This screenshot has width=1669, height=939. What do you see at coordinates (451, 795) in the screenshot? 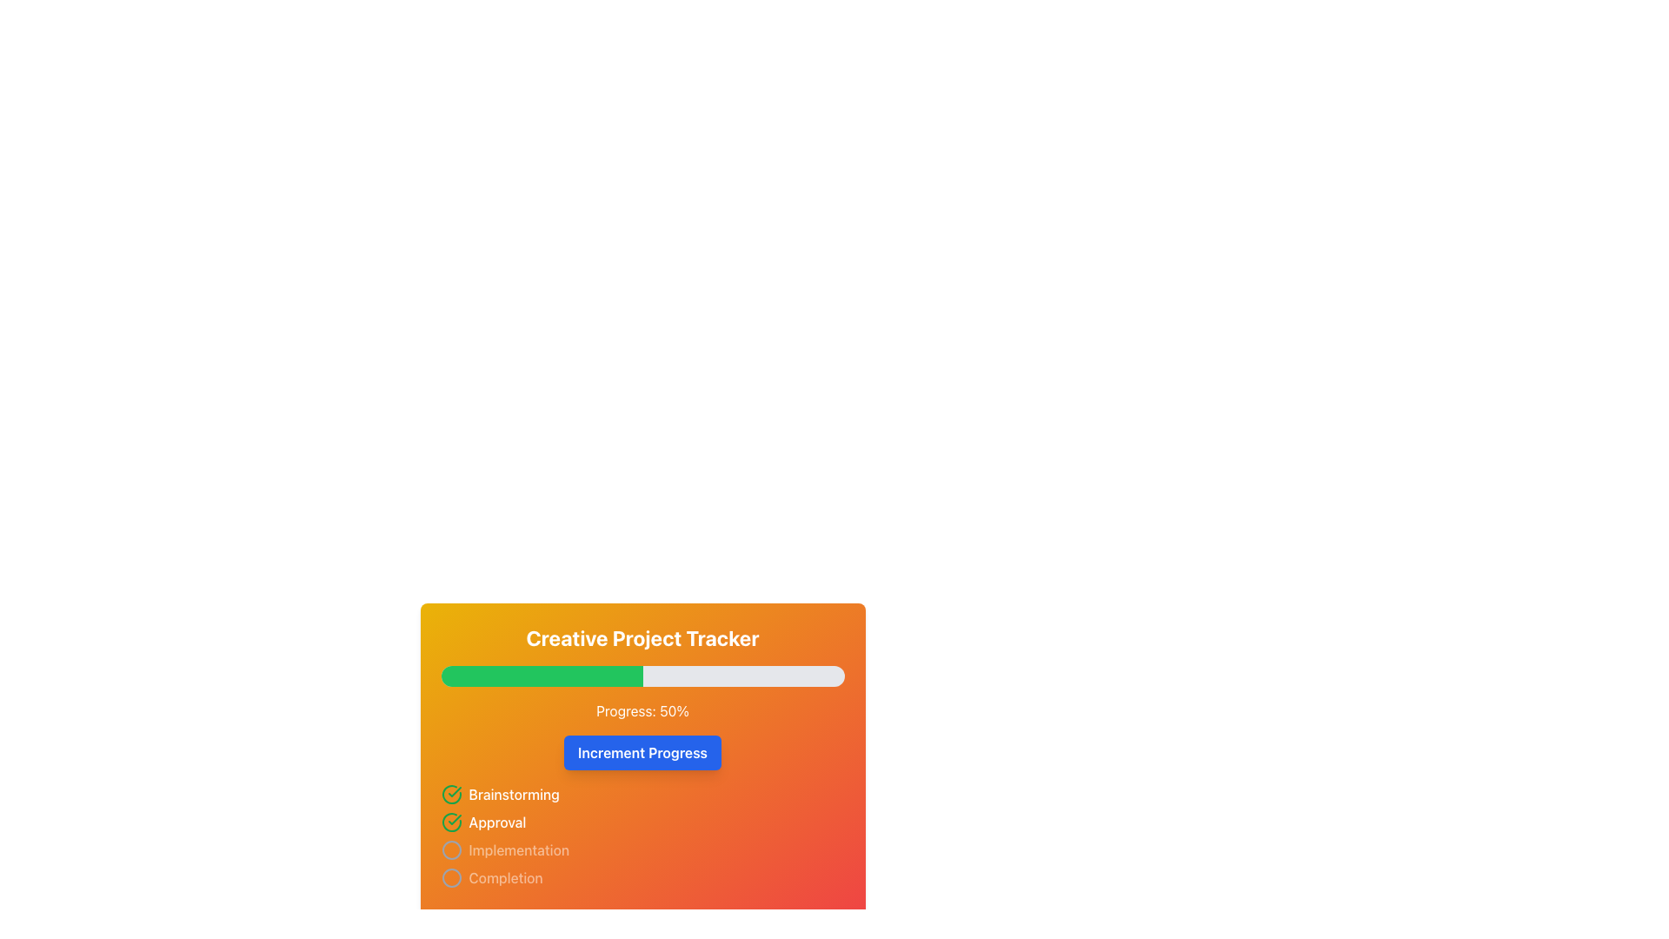
I see `the green circular icon with a checkmark, which indicates the completed status of the 'Brainstorming' task in the 'Creative Project Tracker' checklist` at bounding box center [451, 795].